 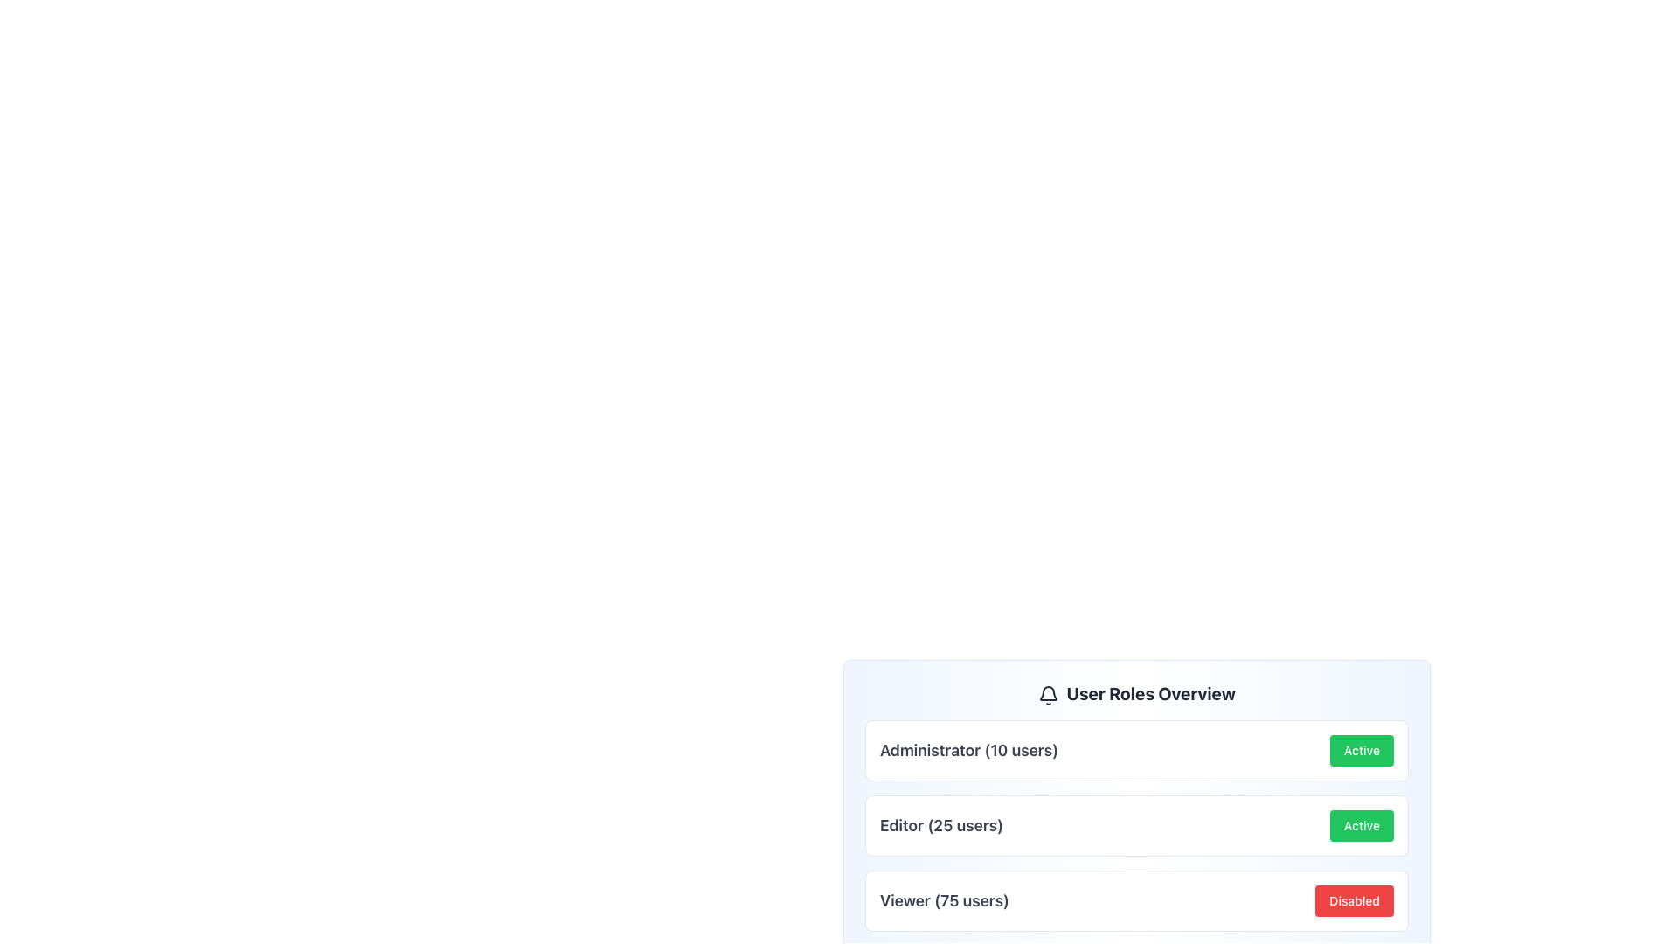 I want to click on the 'Active' button located on the Informational card with status that displays 'Editor (25 users)' and is positioned between 'Administrator' and 'Viewer' cards in the 'User Roles Overview', so click(x=1136, y=826).